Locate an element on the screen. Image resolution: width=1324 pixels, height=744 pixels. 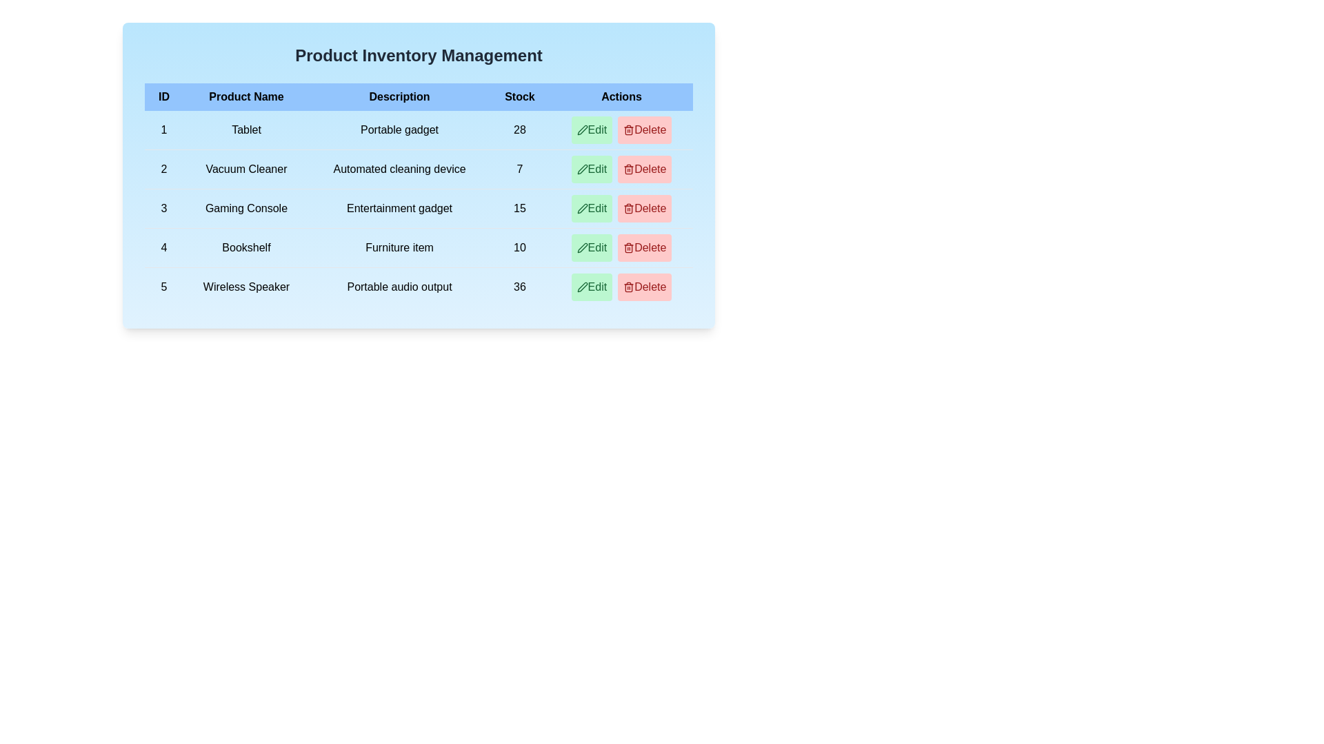
the 'Delete' button in the button group located in the 'Actions' column of the fourth row of the table, which is styled with a red background and contains a trashcan icon is located at coordinates (621, 247).